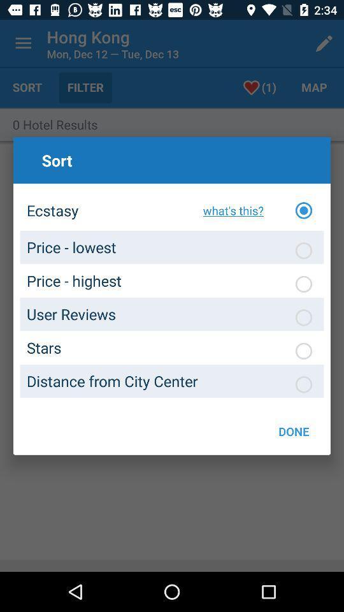 Image resolution: width=344 pixels, height=612 pixels. Describe the element at coordinates (303, 284) in the screenshot. I see `choose bubble under sort` at that location.